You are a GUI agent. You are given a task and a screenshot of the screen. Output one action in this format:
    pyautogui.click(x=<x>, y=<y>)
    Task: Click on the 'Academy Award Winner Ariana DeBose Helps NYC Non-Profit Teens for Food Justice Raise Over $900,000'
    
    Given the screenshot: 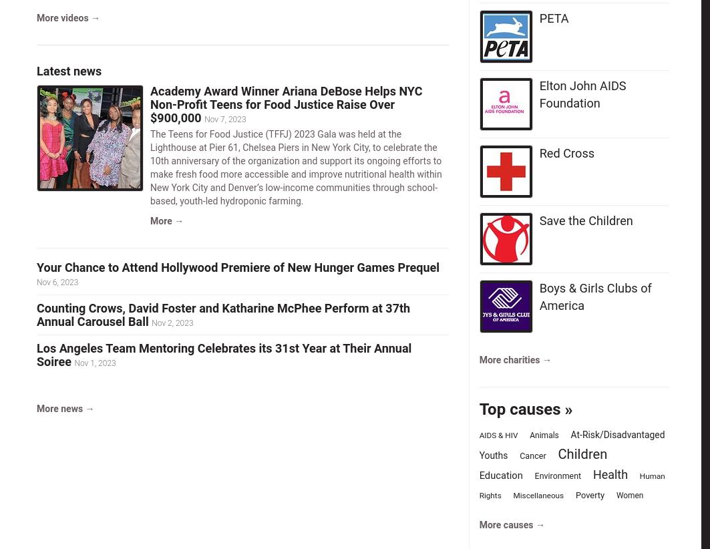 What is the action you would take?
    pyautogui.click(x=286, y=104)
    